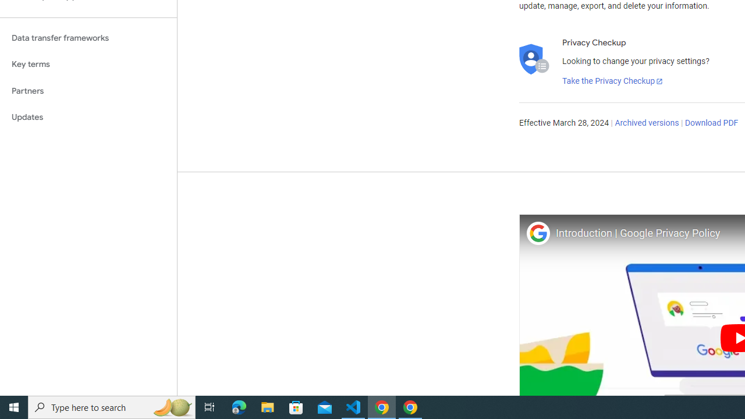 The width and height of the screenshot is (745, 419). I want to click on 'Data transfer frameworks', so click(88, 37).